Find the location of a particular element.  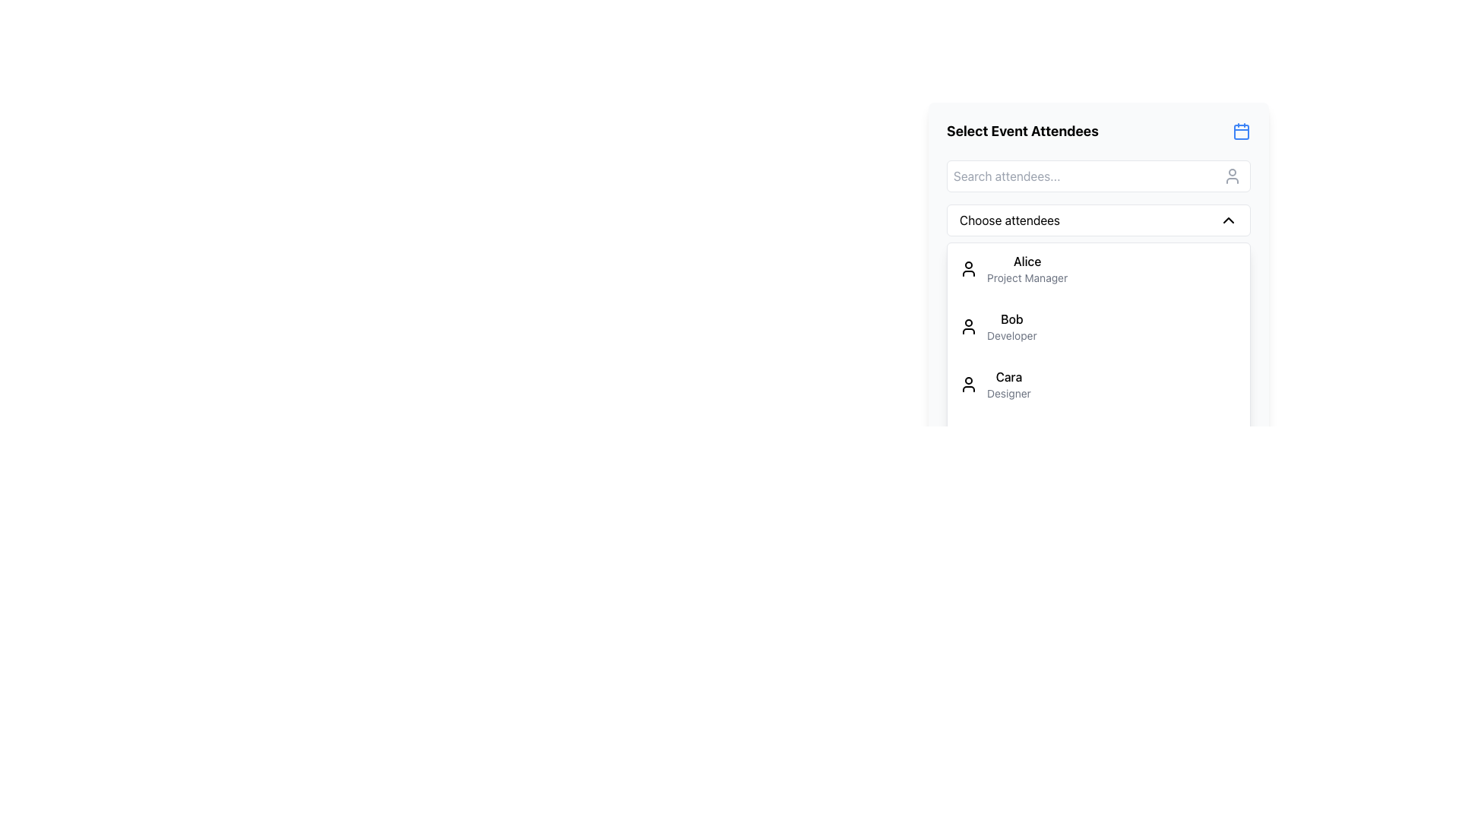

the profile icon located to the left of the entry labeled 'Bob', who is identified as a Developer, within the 'Select Event Attendees' section is located at coordinates (968, 325).